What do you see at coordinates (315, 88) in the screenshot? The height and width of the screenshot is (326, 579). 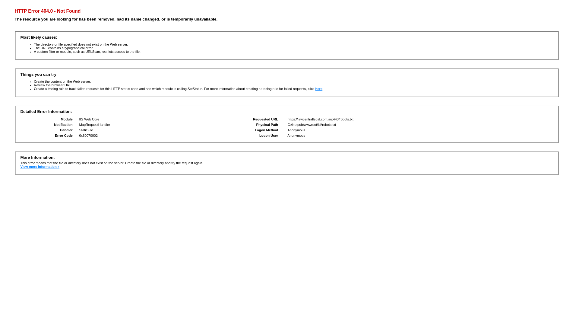 I see `'here'` at bounding box center [315, 88].